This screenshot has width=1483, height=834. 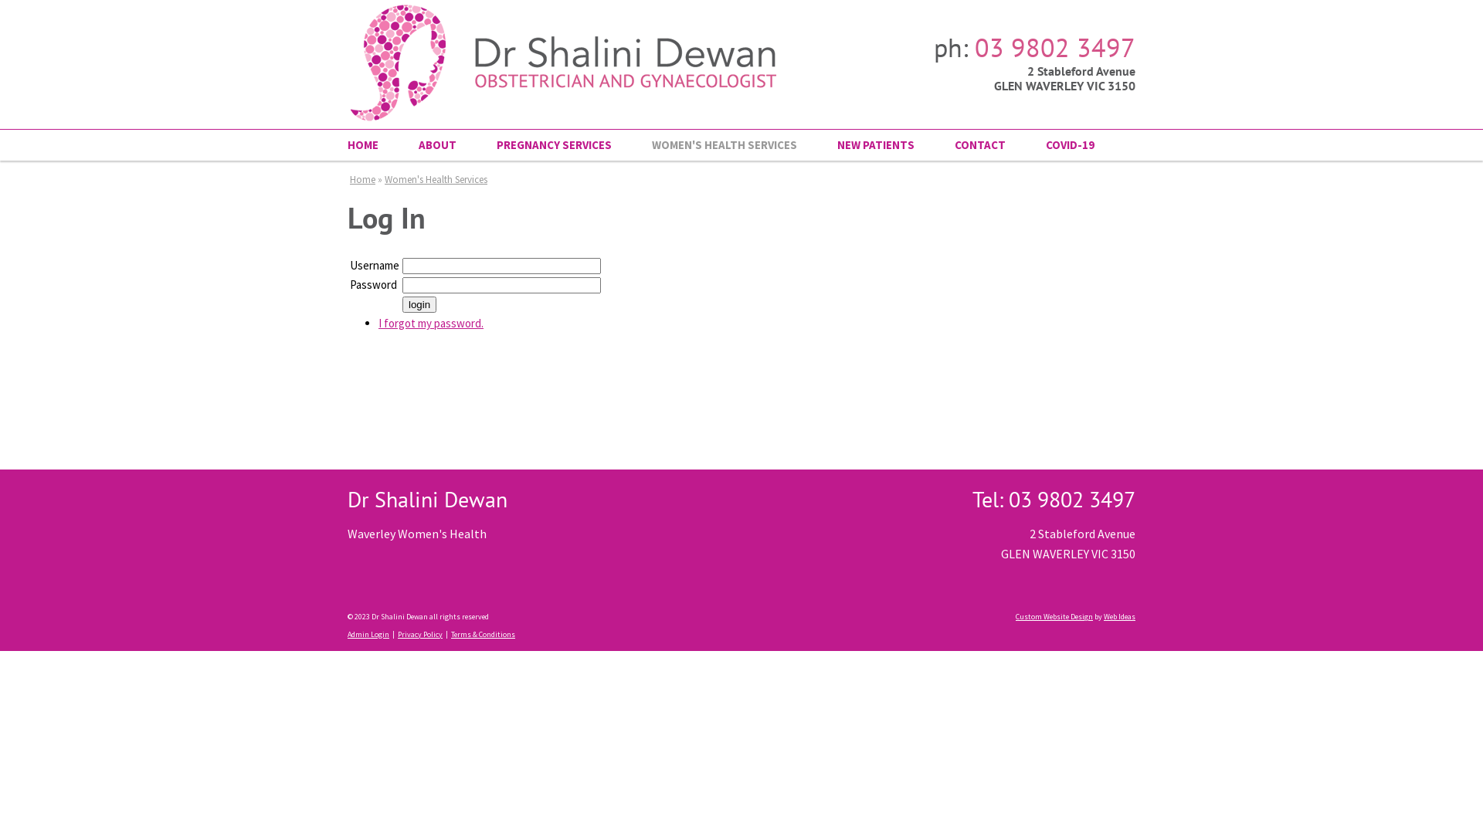 I want to click on 'Custom Website Design', so click(x=1053, y=615).